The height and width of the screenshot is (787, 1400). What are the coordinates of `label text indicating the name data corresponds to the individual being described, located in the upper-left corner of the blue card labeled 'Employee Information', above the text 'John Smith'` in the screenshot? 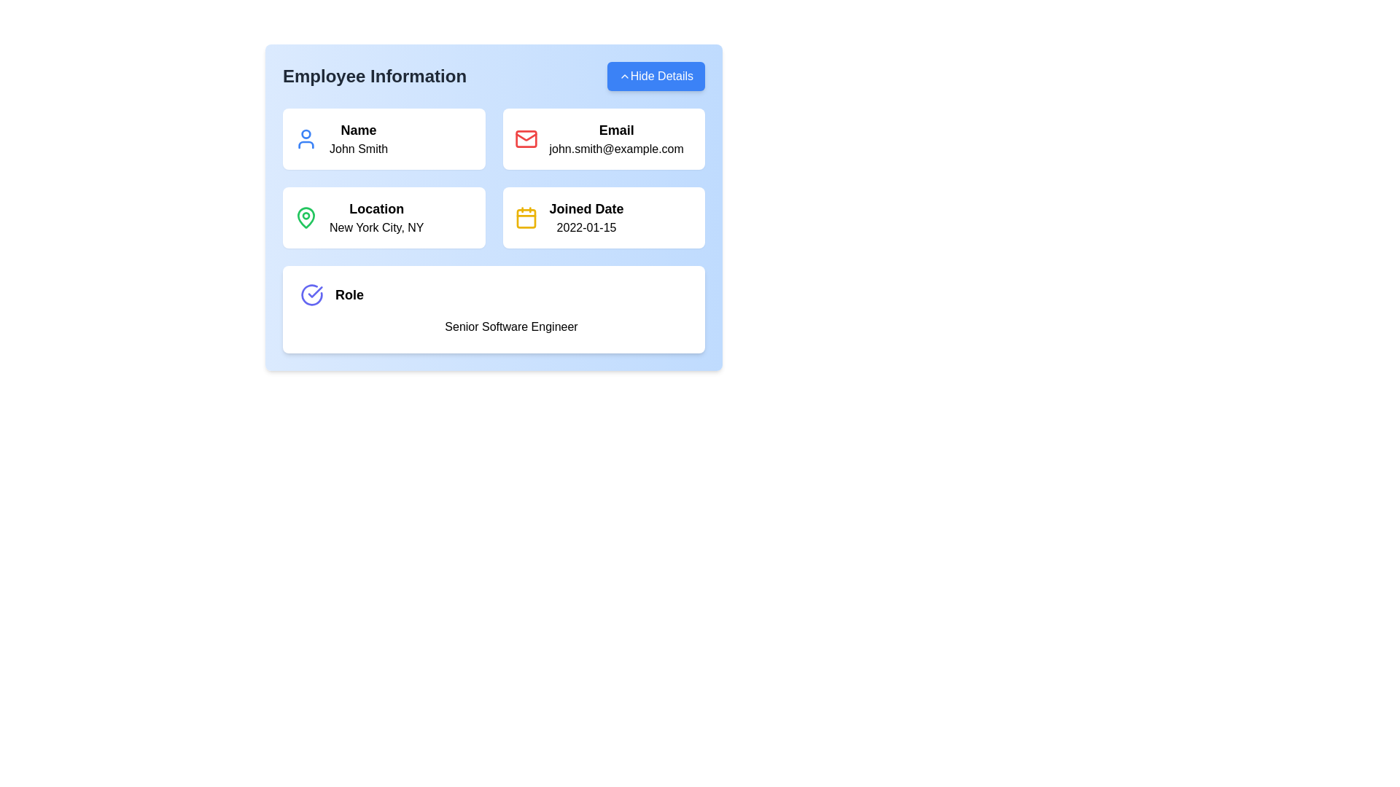 It's located at (359, 129).